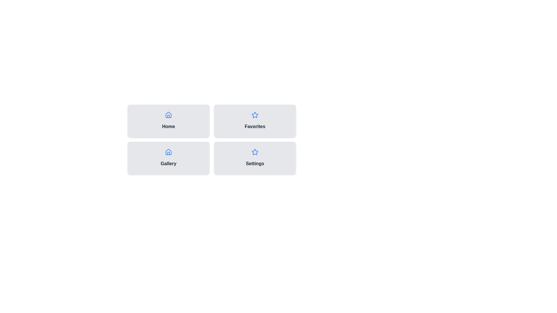 This screenshot has width=557, height=313. I want to click on the 'Home' icon, which represents the home functionality in the user interface, located at the top of the 'Home' card in the 2x2 grid layout, so click(168, 115).